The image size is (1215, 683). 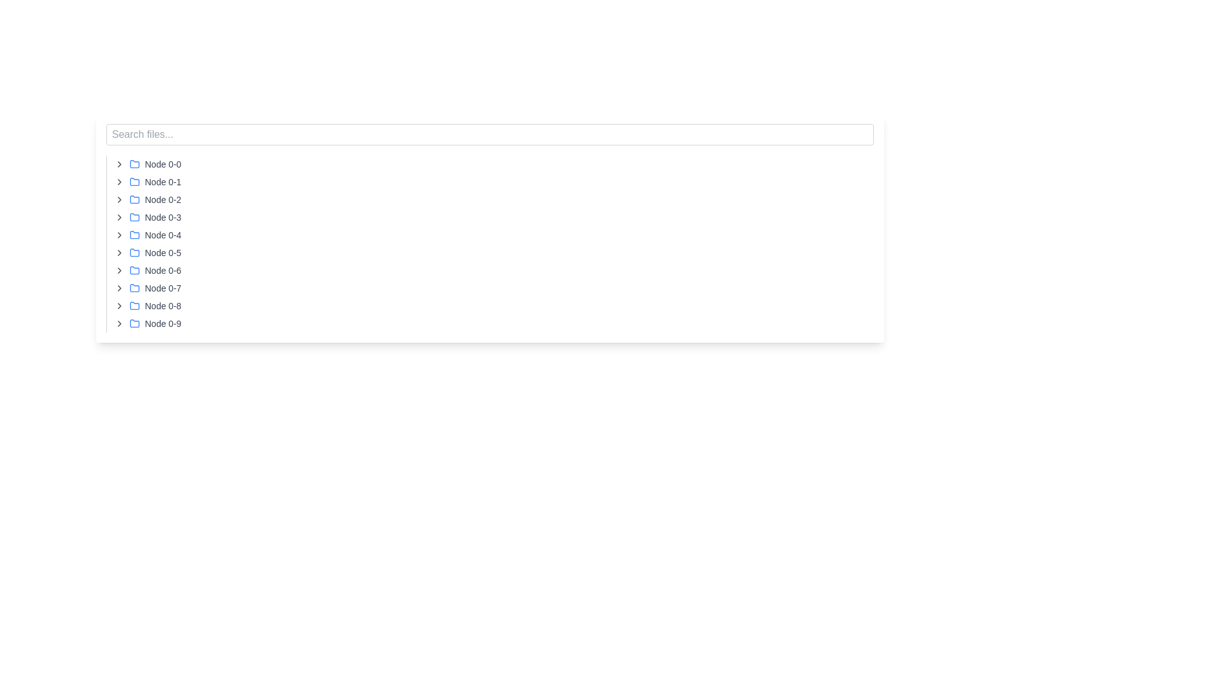 What do you see at coordinates (134, 305) in the screenshot?
I see `the folder icon located in the eighth row labeled 'Node 0-8', positioned to the left of the text 'Node 0-8' and to the right of a chevron icon for interaction` at bounding box center [134, 305].